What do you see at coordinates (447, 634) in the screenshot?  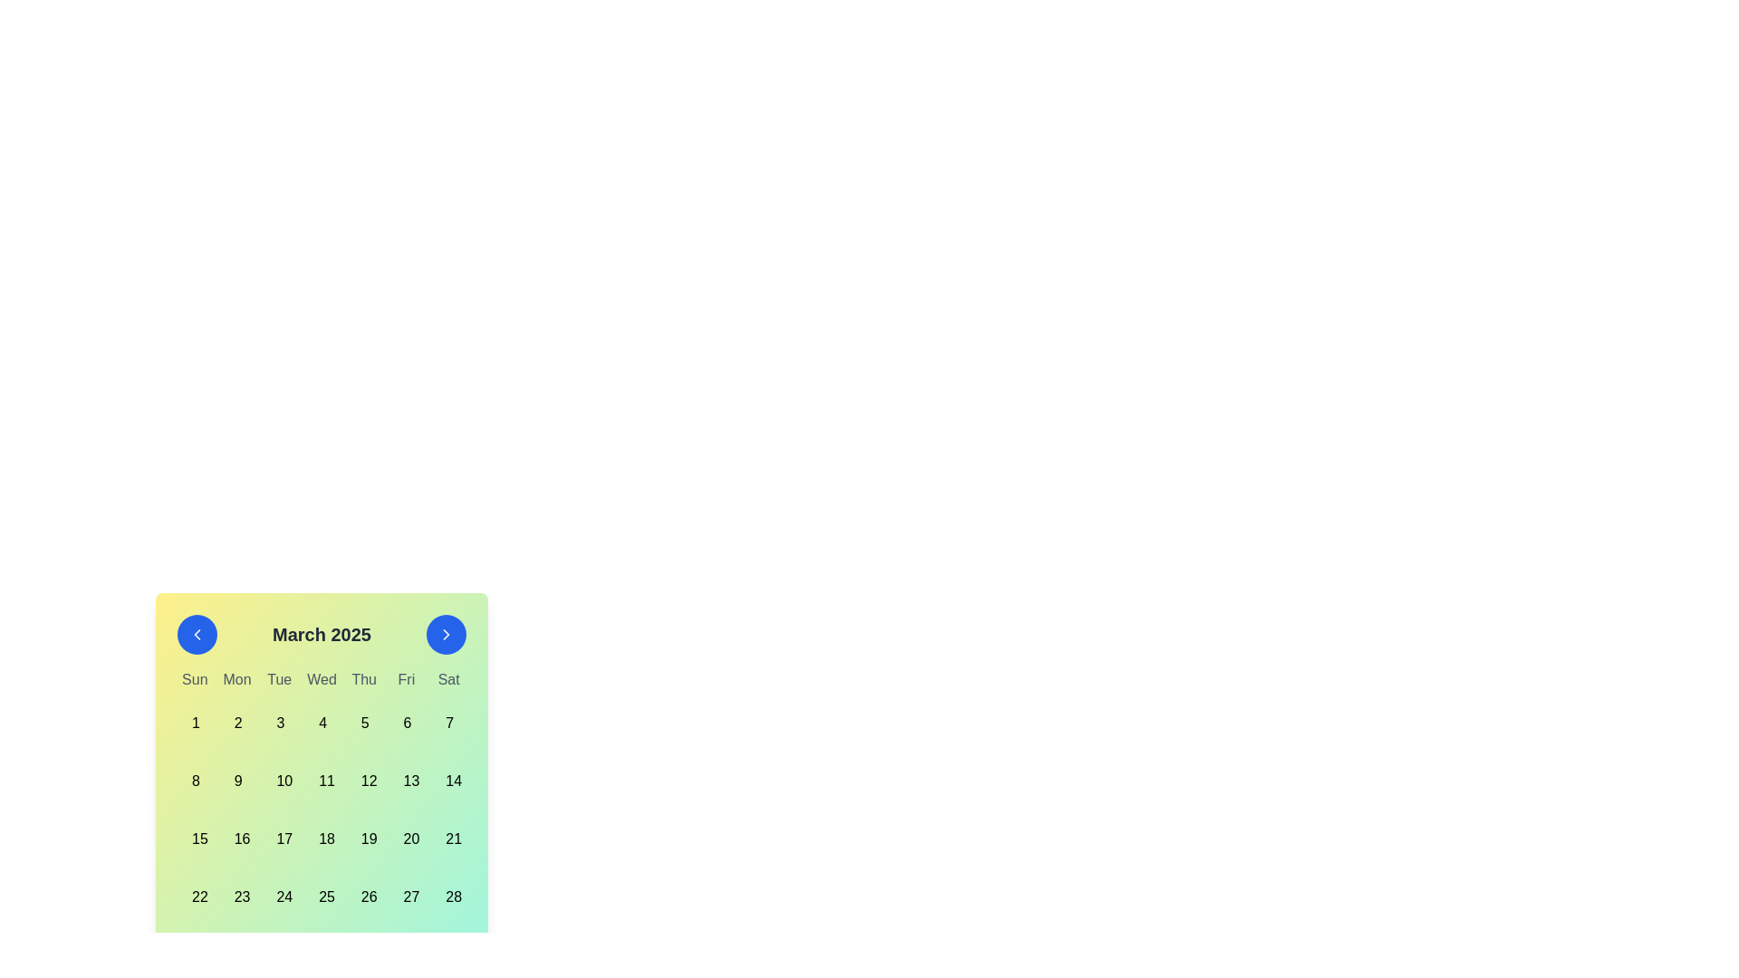 I see `the right-pointing chevron navigation icon in the top-right corner of the calendar interface` at bounding box center [447, 634].